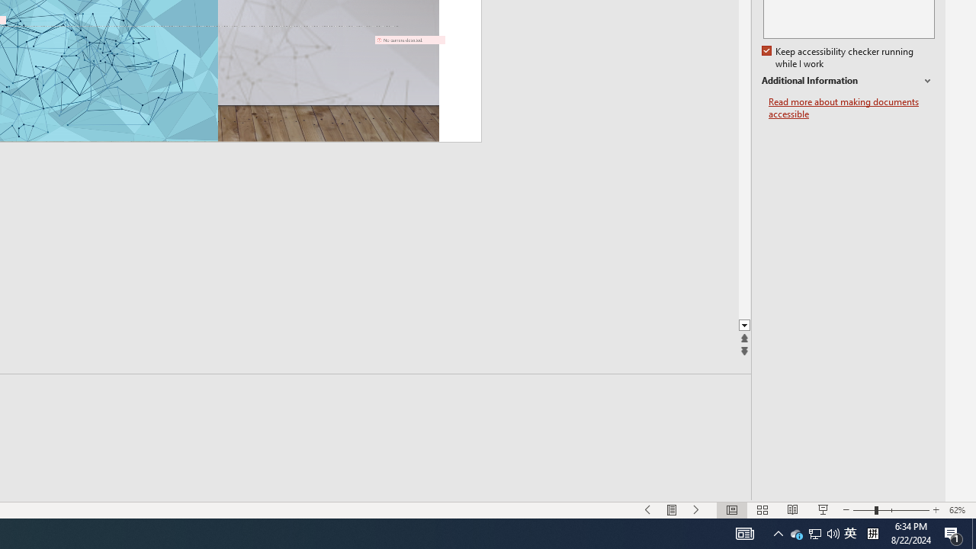 This screenshot has height=549, width=976. Describe the element at coordinates (648, 510) in the screenshot. I see `'Slide Show Previous On'` at that location.